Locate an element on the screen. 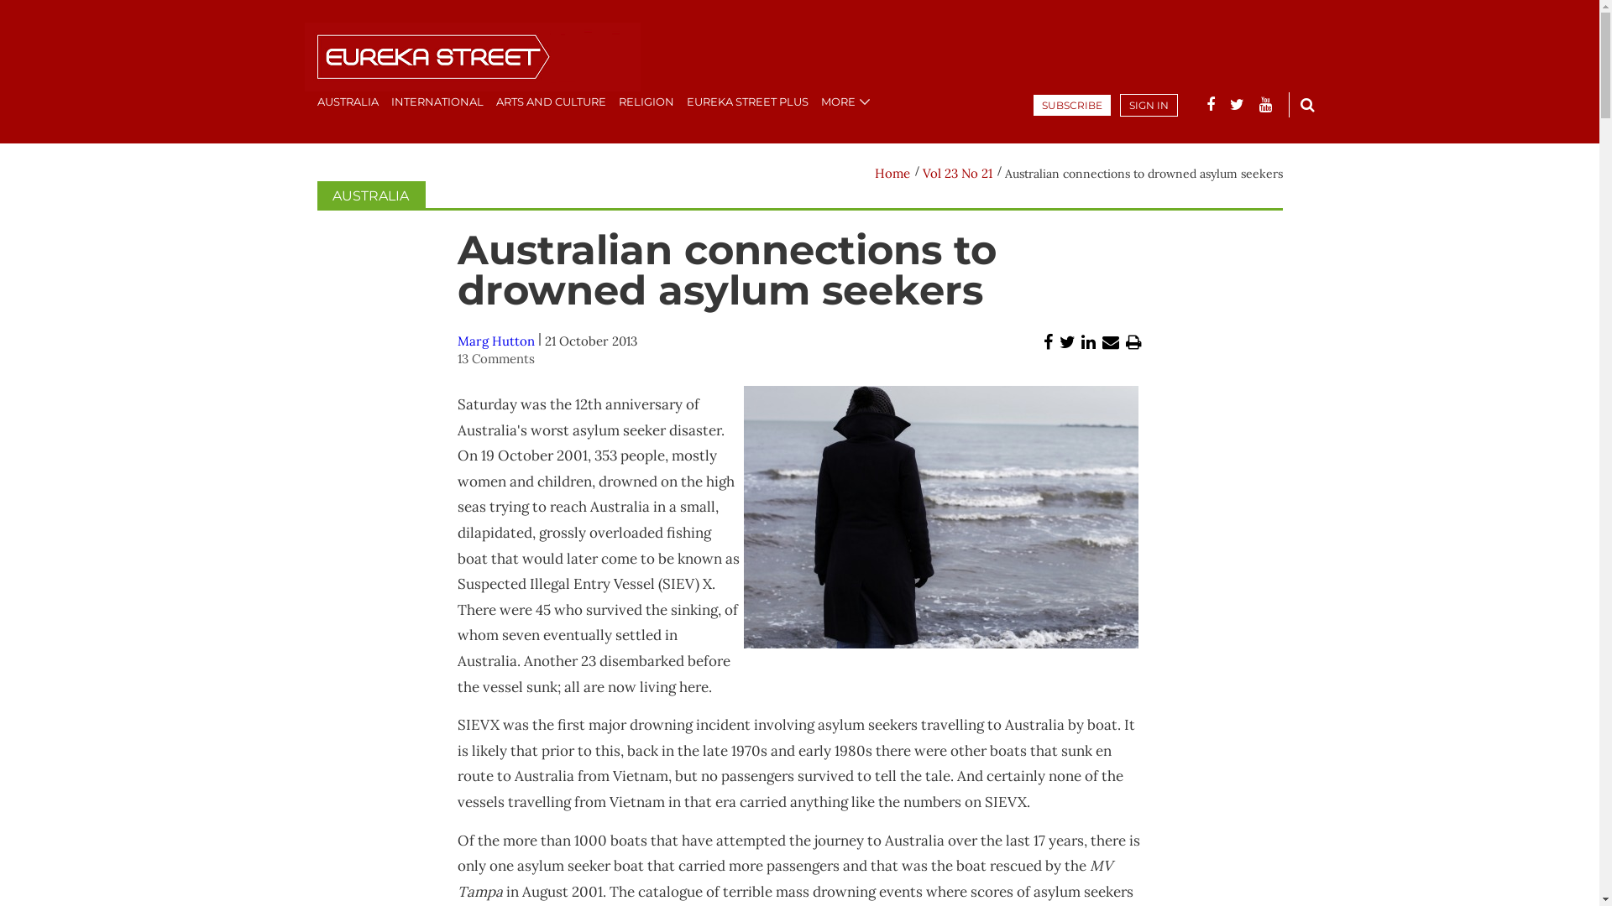 This screenshot has width=1612, height=906. 'Vol 23 No 21' is located at coordinates (957, 173).